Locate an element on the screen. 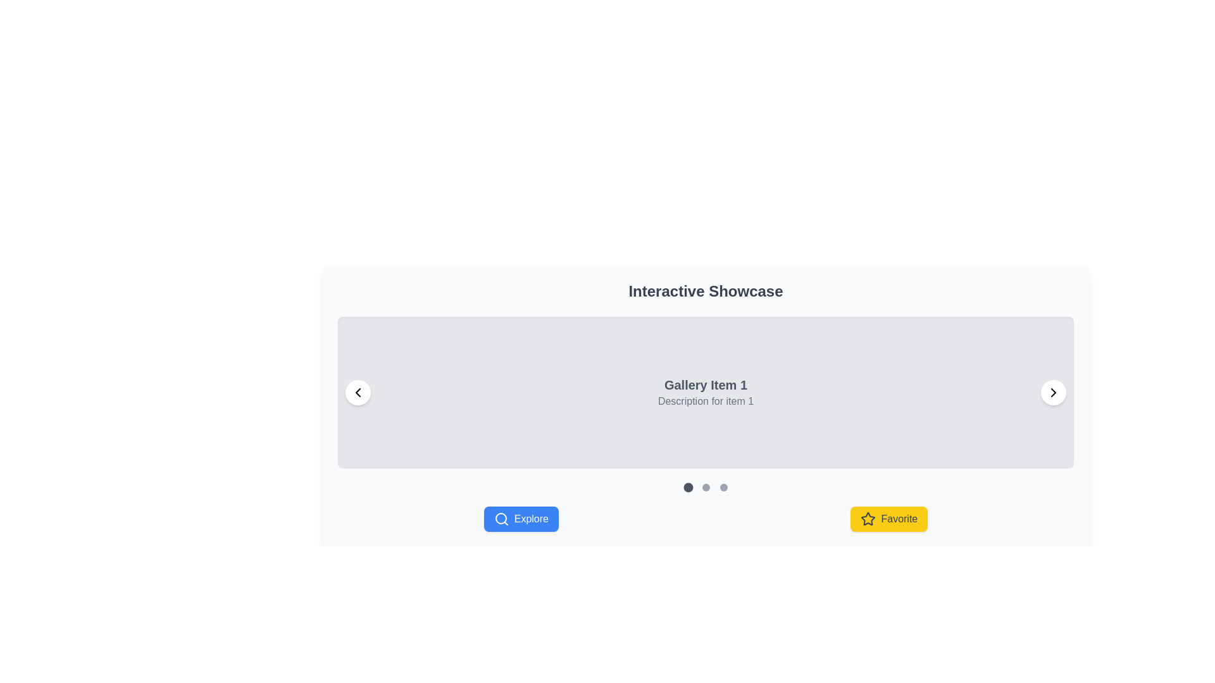 This screenshot has width=1215, height=683. the chevron icon representing the 'next' navigation button located on the right side of the carousel widget is located at coordinates (1054, 392).